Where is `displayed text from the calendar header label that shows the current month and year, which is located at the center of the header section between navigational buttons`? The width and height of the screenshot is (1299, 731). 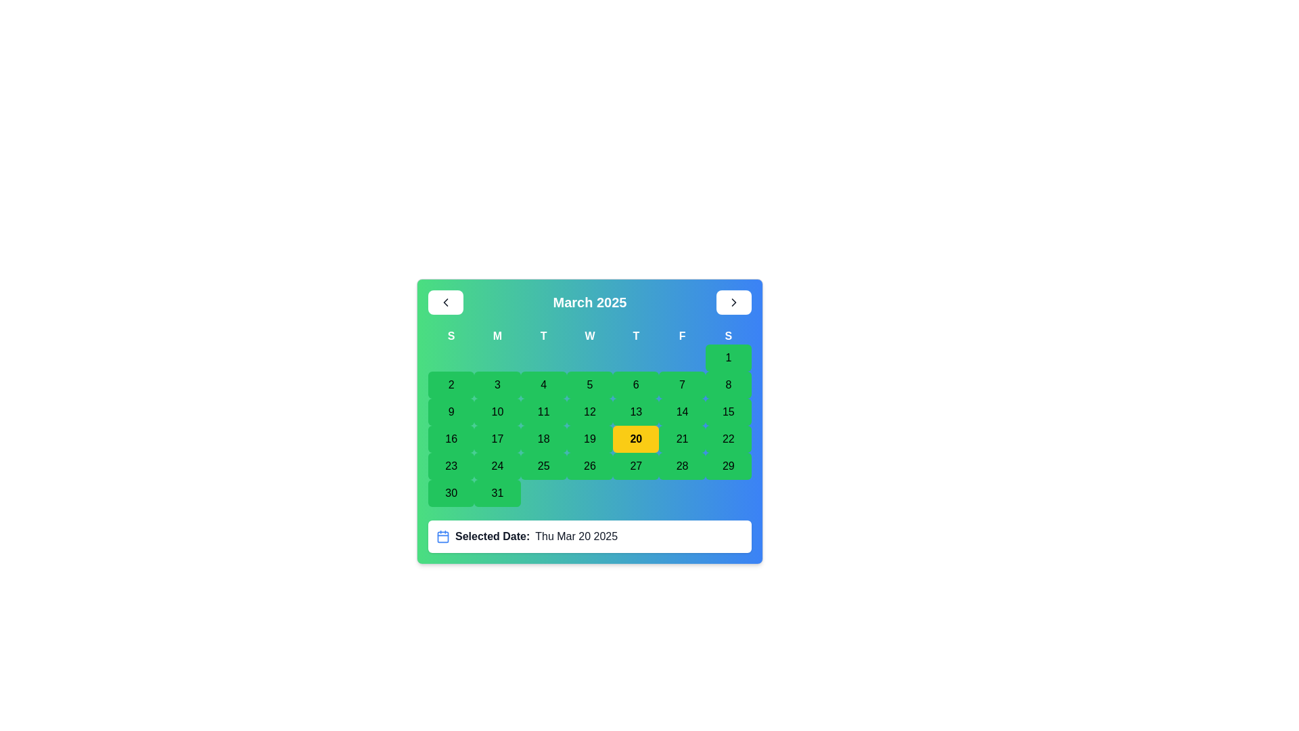
displayed text from the calendar header label that shows the current month and year, which is located at the center of the header section between navigational buttons is located at coordinates (590, 302).